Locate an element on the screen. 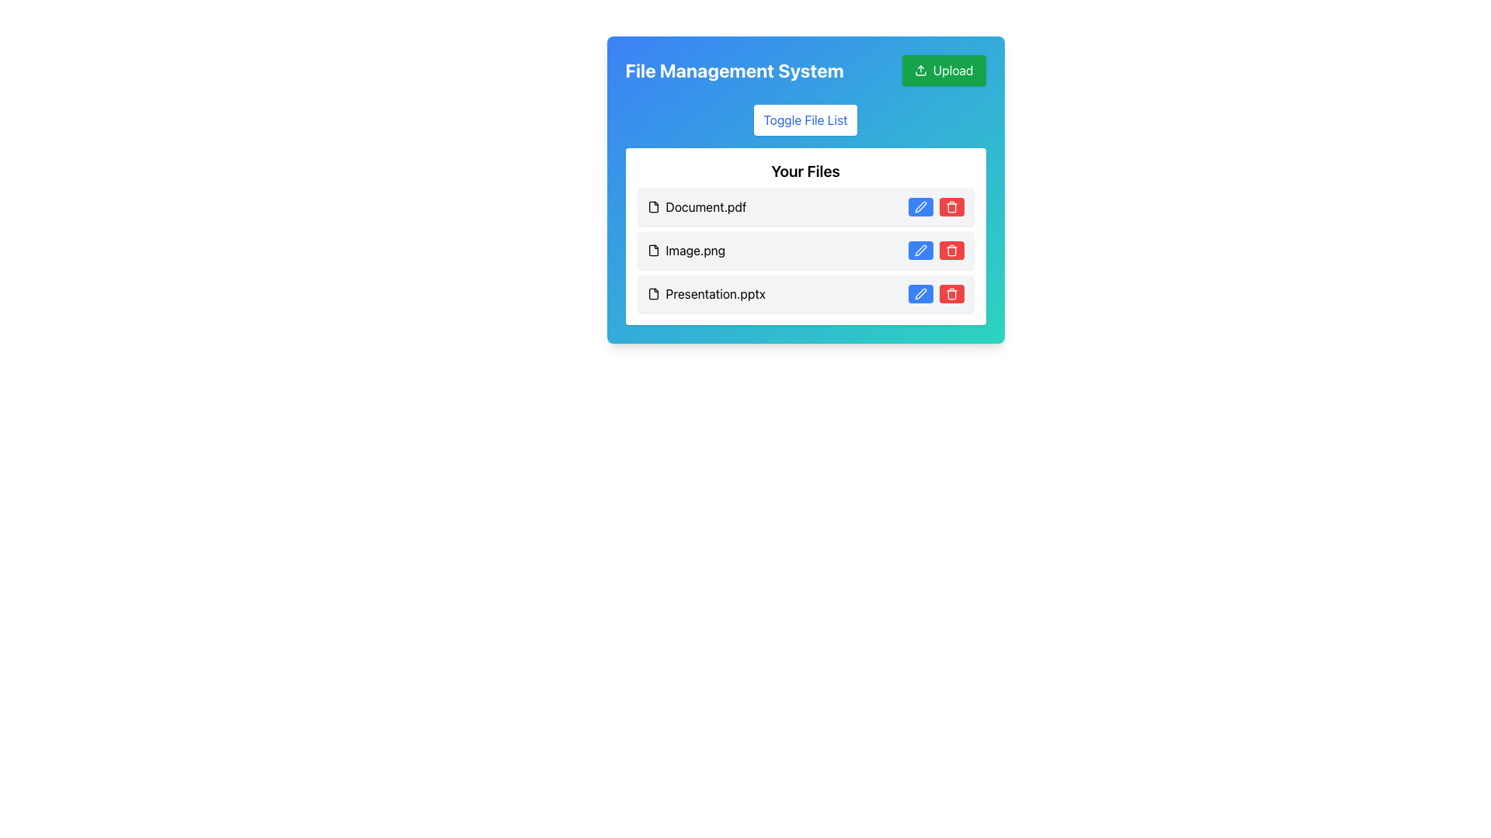 The image size is (1491, 838). the document icon, represented as an SVG graphic, located next to the text 'Document.pdf' in the file list is located at coordinates (653, 206).